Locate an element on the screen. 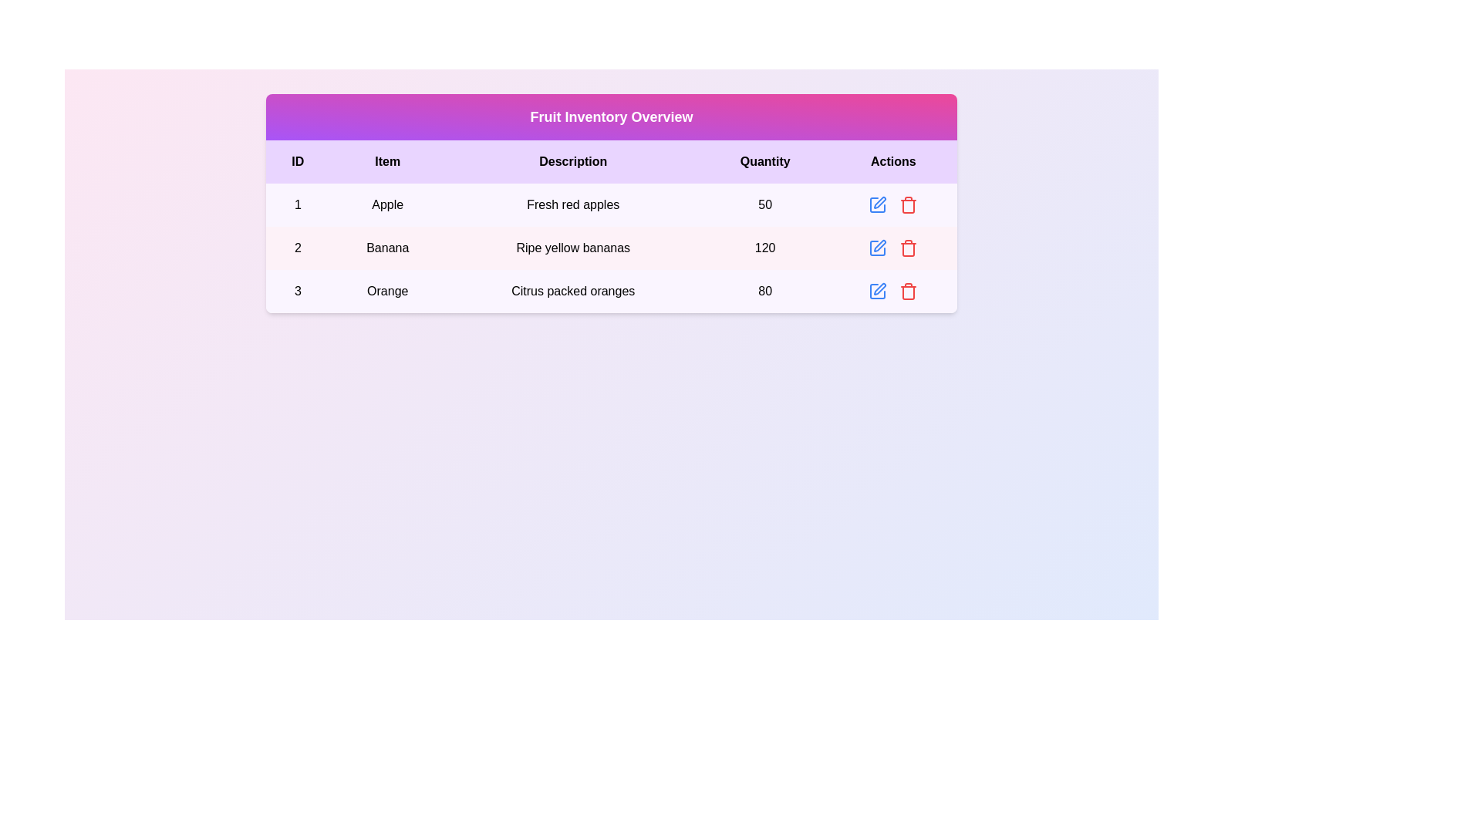  the row corresponding to 3 is located at coordinates (610, 292).